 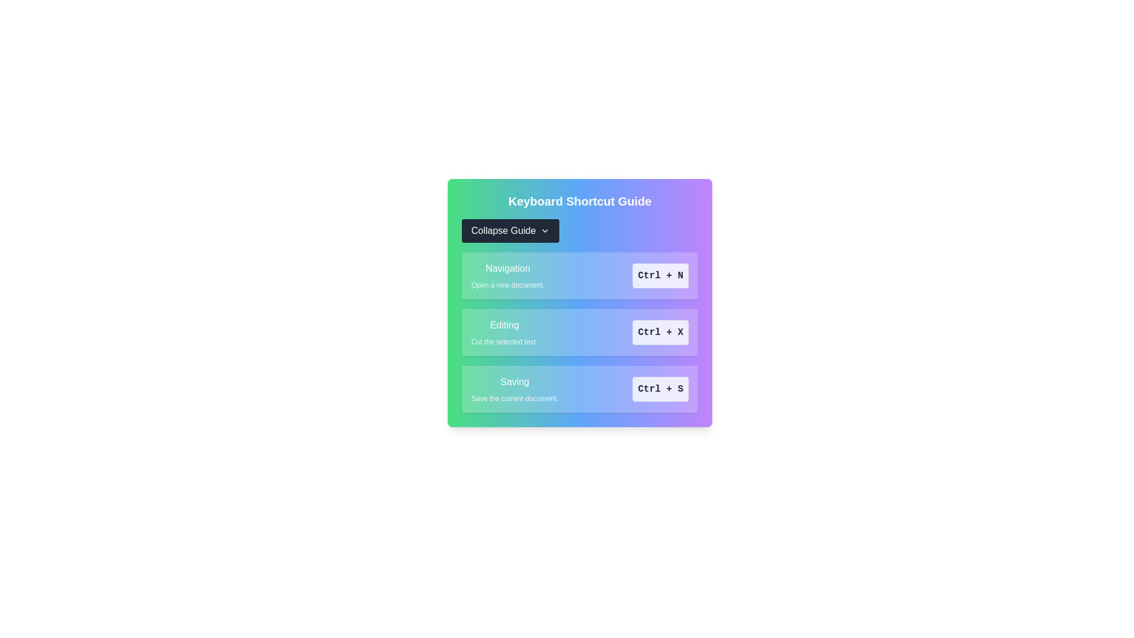 I want to click on the informational text label titled 'Navigation' which describes 'Open a new document.', so click(x=507, y=275).